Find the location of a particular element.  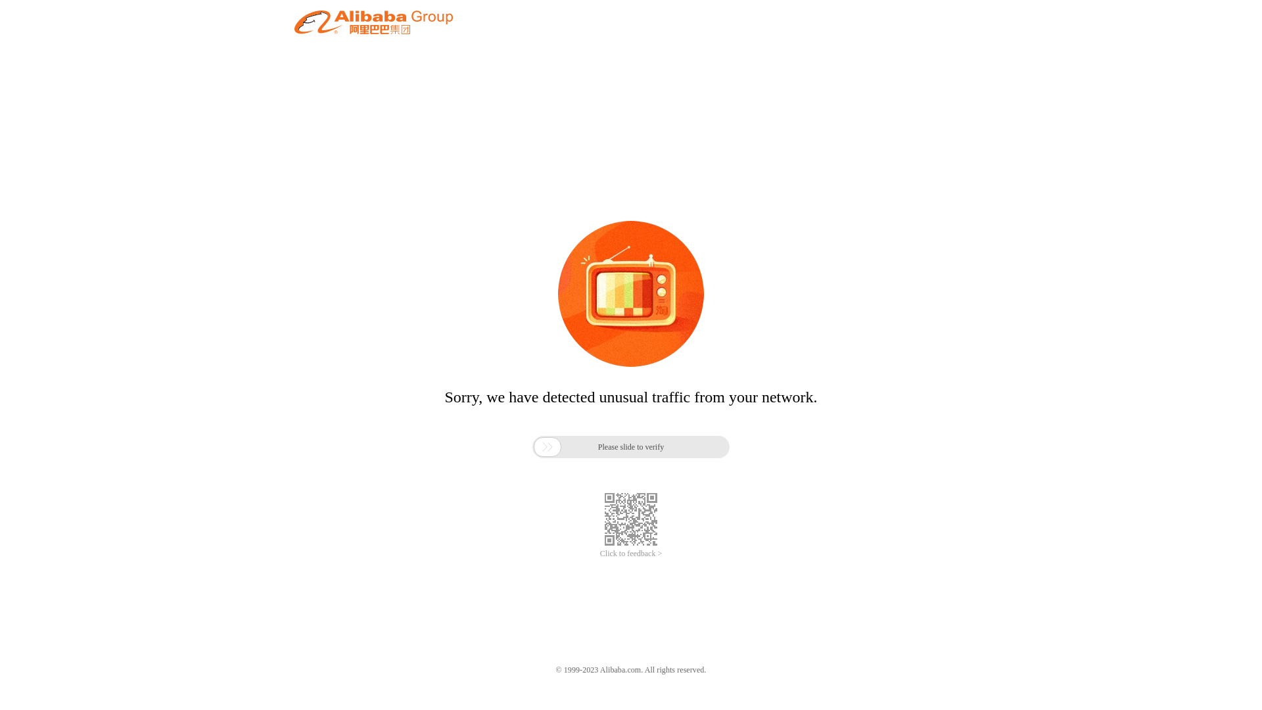

'Click to feedback >' is located at coordinates (631, 554).